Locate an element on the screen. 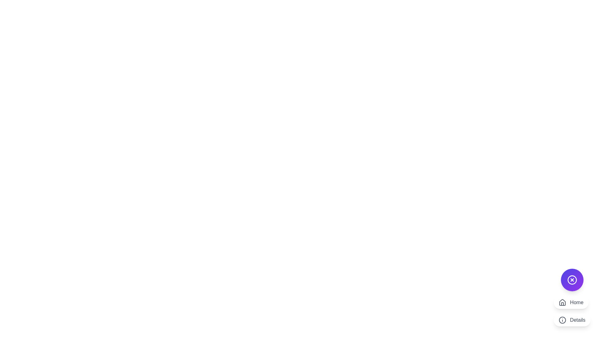 The height and width of the screenshot is (339, 603). the 'Home' button is located at coordinates (571, 302).